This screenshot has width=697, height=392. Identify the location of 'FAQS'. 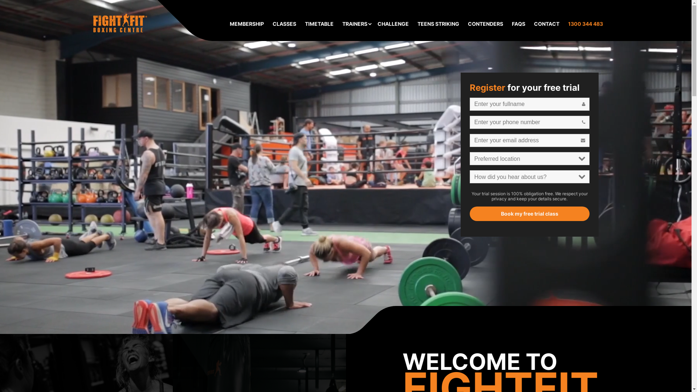
(511, 23).